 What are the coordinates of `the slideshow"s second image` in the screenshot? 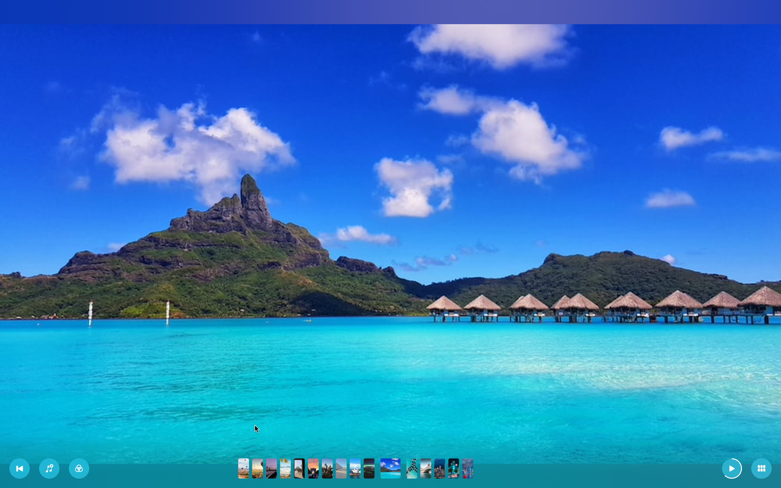 It's located at (257, 468).